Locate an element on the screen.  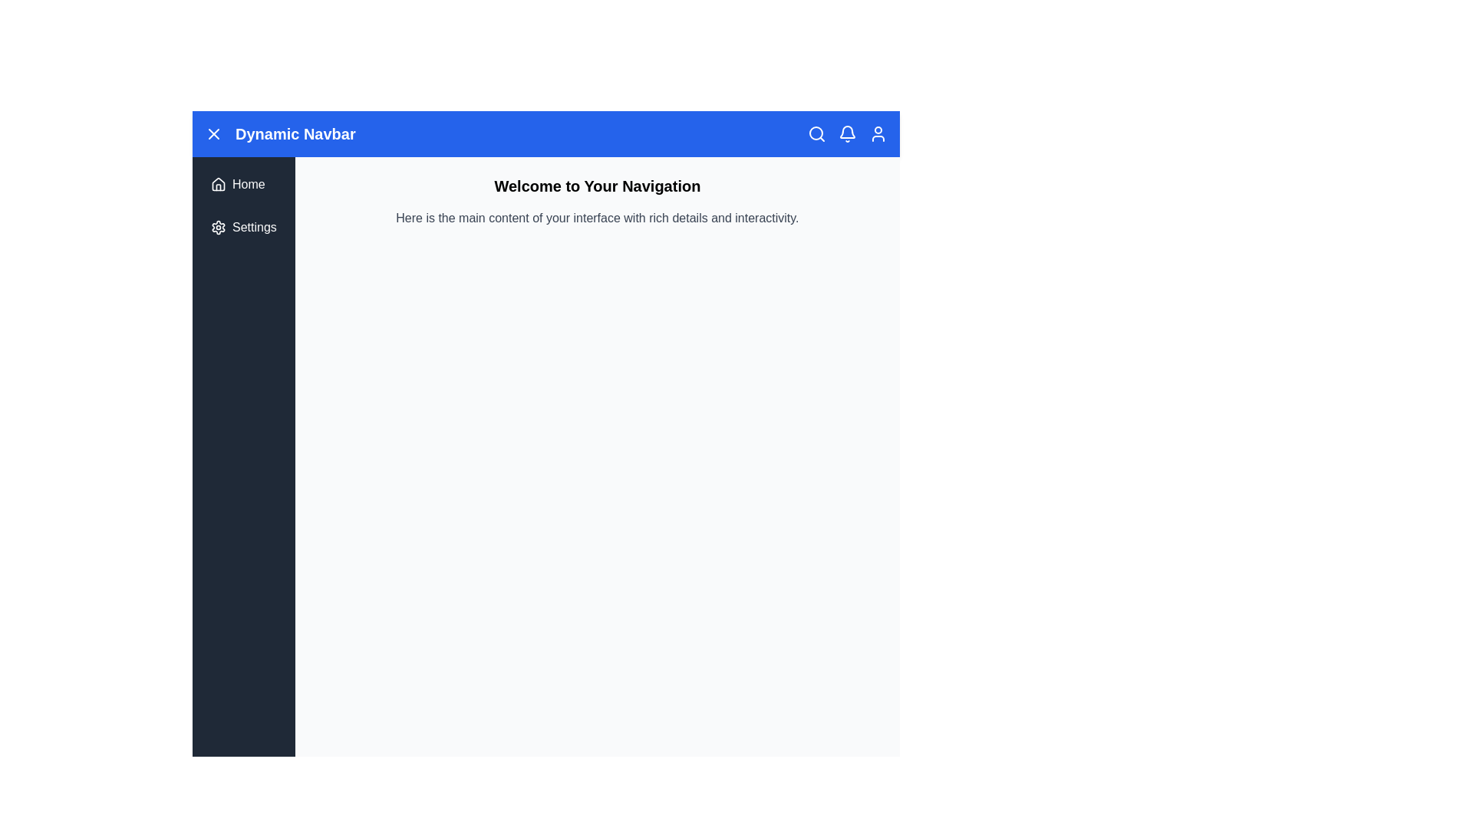
the close button located on the far left of the top blue navbar, which is directly to the left of the bold text 'Dynamic Navbar' is located at coordinates (213, 133).